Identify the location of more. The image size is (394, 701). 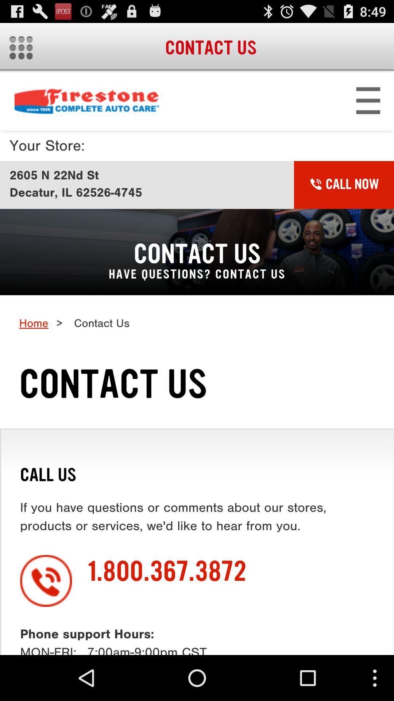
(20, 47).